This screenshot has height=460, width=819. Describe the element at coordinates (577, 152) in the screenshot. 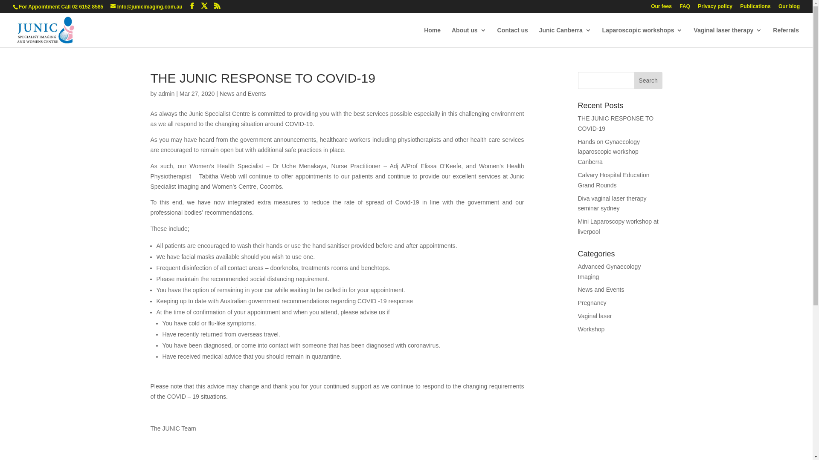

I see `'Hands on Gynaecology laparoscopic workshop Canberra'` at that location.